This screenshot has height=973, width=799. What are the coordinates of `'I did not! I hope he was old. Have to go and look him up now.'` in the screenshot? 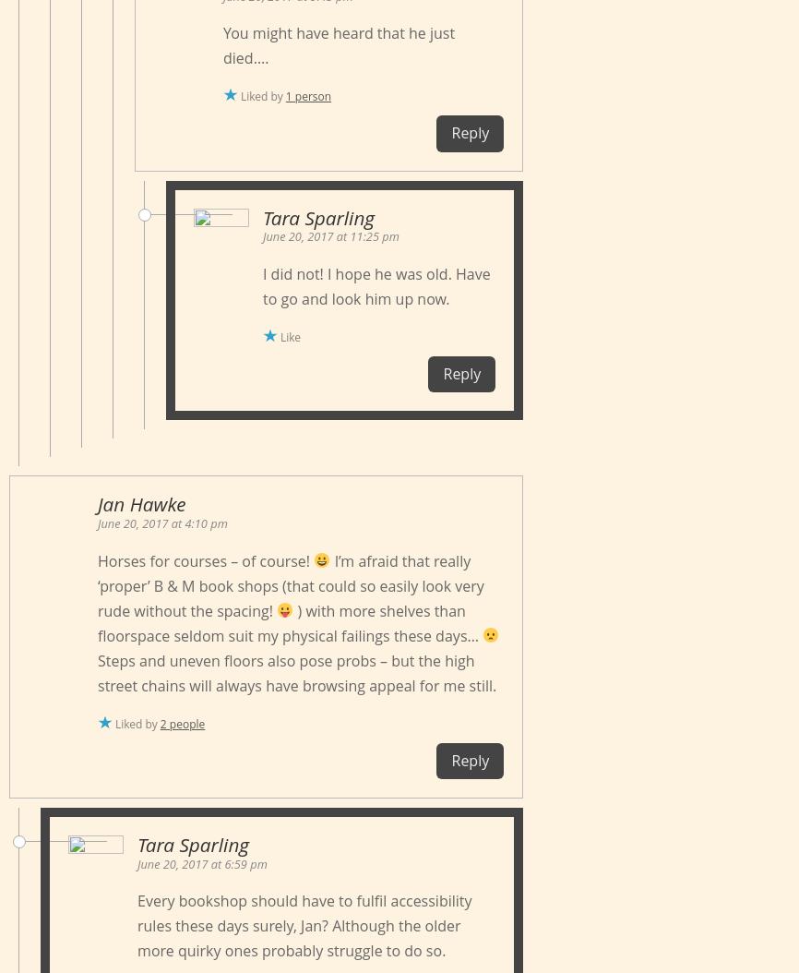 It's located at (262, 285).